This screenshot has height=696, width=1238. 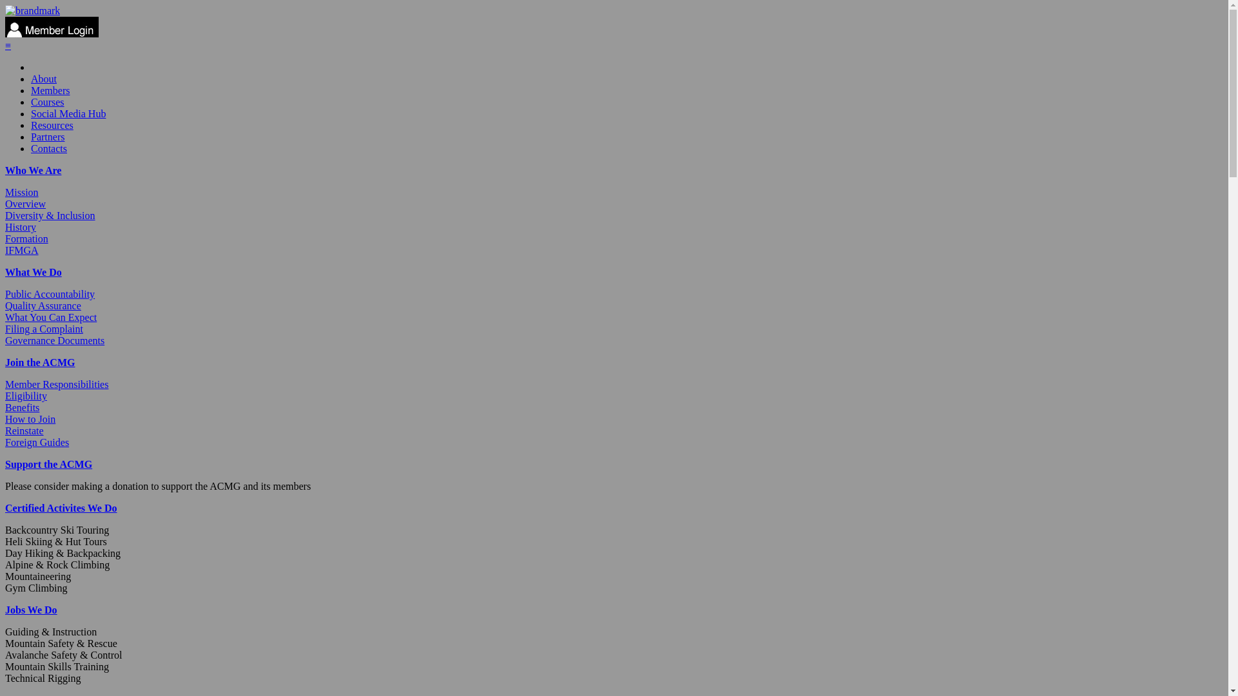 I want to click on 'How to Join', so click(x=30, y=419).